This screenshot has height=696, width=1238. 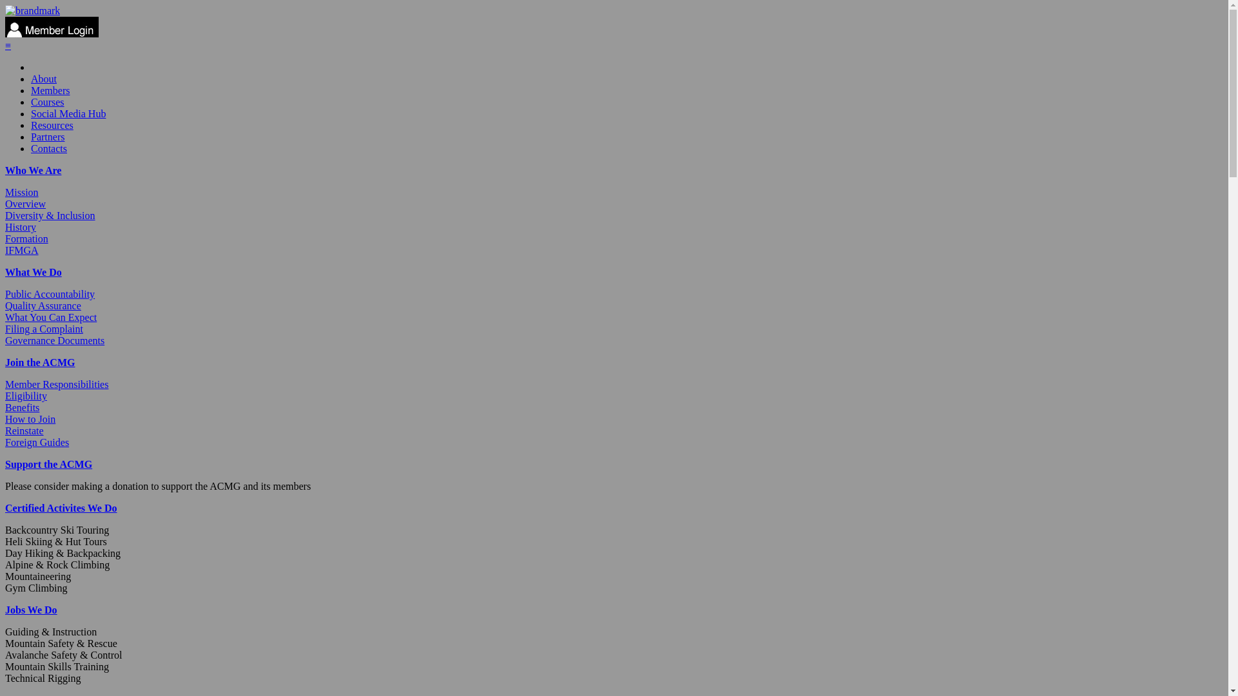 I want to click on 'How to Join', so click(x=30, y=419).